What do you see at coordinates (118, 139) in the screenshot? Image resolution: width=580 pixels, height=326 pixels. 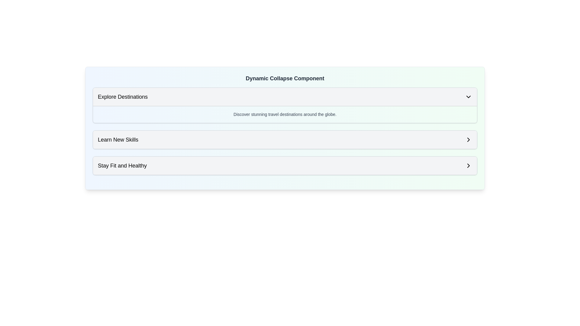 I see `the text label displaying 'Learn New Skills', which is prominently styled in black on a light gray background, located in the second interactive section of the vertical list` at bounding box center [118, 139].